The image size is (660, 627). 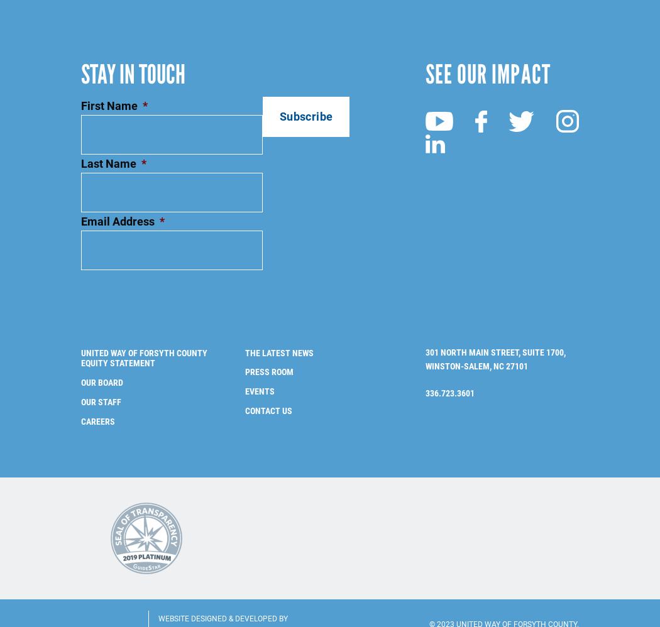 What do you see at coordinates (109, 143) in the screenshot?
I see `'Last Name'` at bounding box center [109, 143].